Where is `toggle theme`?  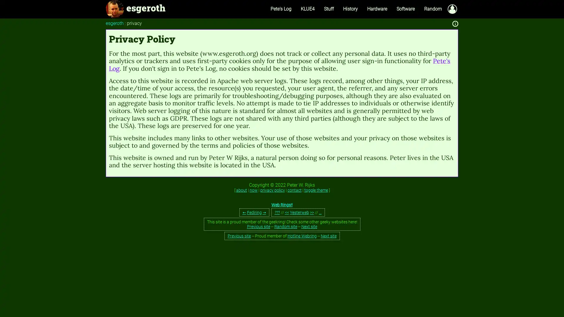 toggle theme is located at coordinates (315, 190).